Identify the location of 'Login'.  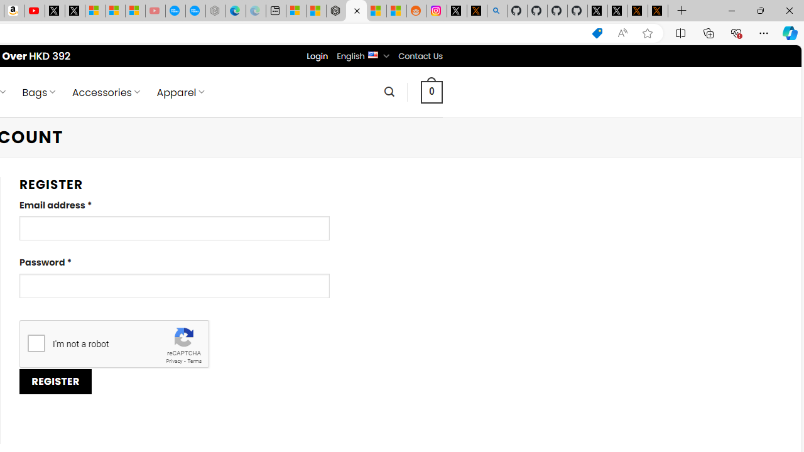
(317, 55).